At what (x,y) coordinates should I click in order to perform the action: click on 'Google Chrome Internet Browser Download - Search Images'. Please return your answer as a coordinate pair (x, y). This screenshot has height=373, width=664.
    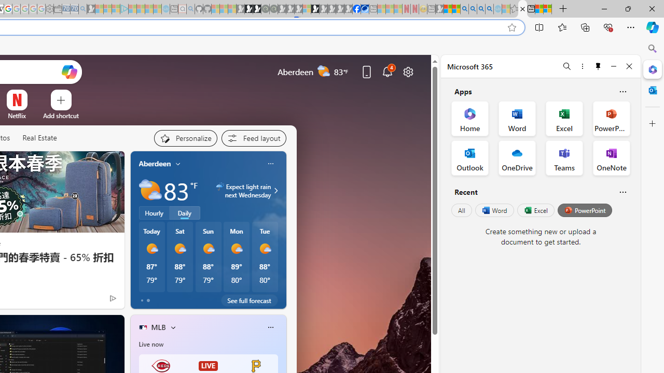
    Looking at the image, I should click on (489, 9).